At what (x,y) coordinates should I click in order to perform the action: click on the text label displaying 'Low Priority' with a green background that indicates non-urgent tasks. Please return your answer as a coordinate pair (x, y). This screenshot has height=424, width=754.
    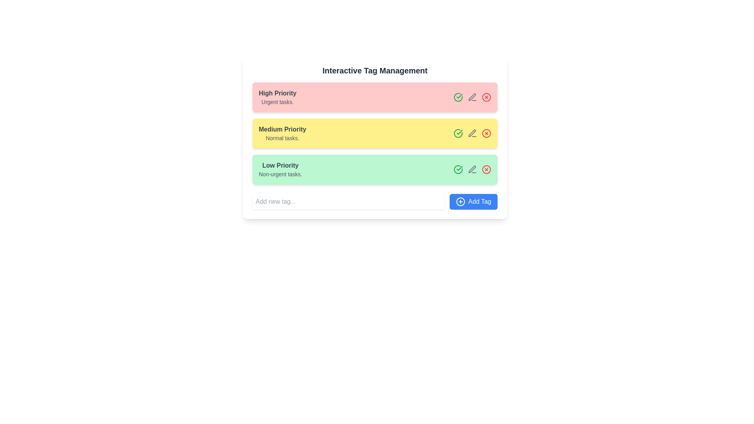
    Looking at the image, I should click on (280, 169).